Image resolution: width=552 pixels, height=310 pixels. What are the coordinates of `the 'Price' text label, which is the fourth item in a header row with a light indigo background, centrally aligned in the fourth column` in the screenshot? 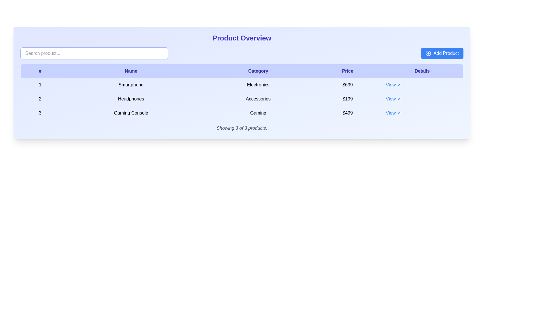 It's located at (347, 71).